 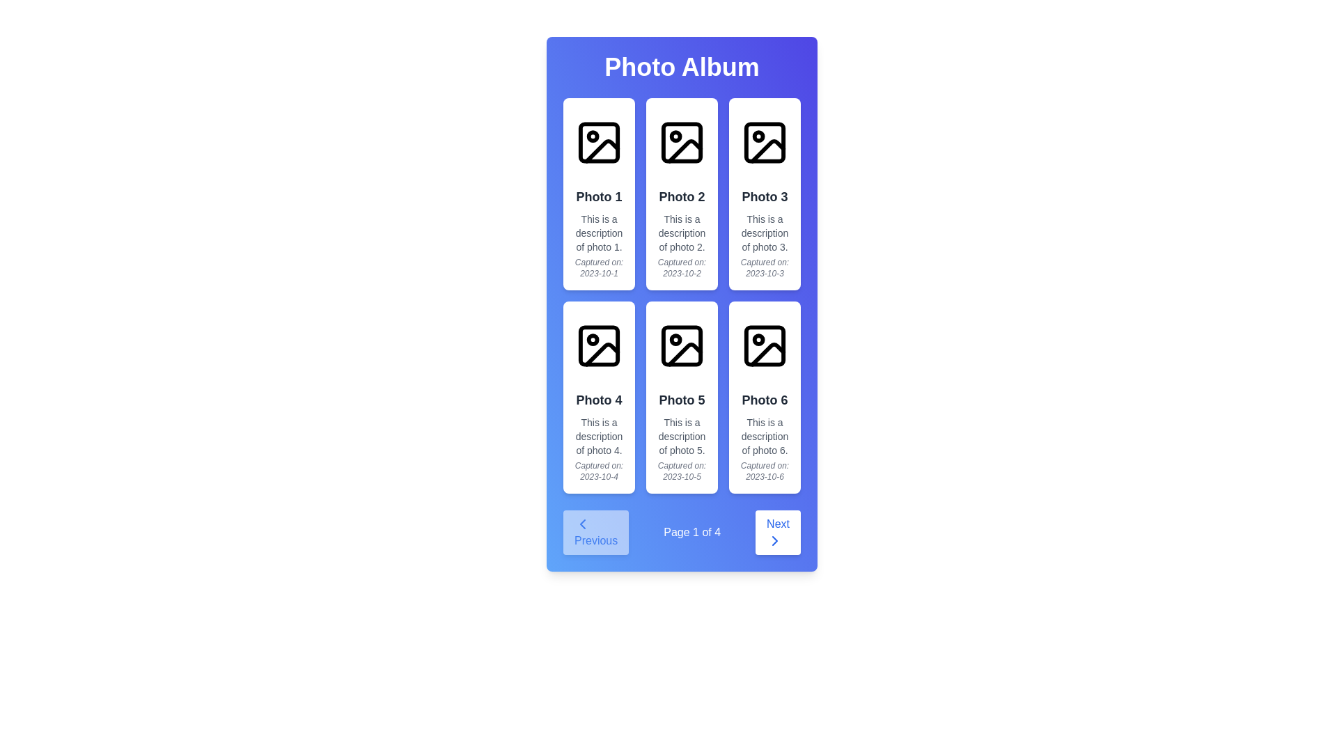 I want to click on the text label reading 'Page 1 of 4', which is displayed in white on a blue background and positioned between the 'Previous' and 'Next' navigation buttons, so click(x=692, y=532).